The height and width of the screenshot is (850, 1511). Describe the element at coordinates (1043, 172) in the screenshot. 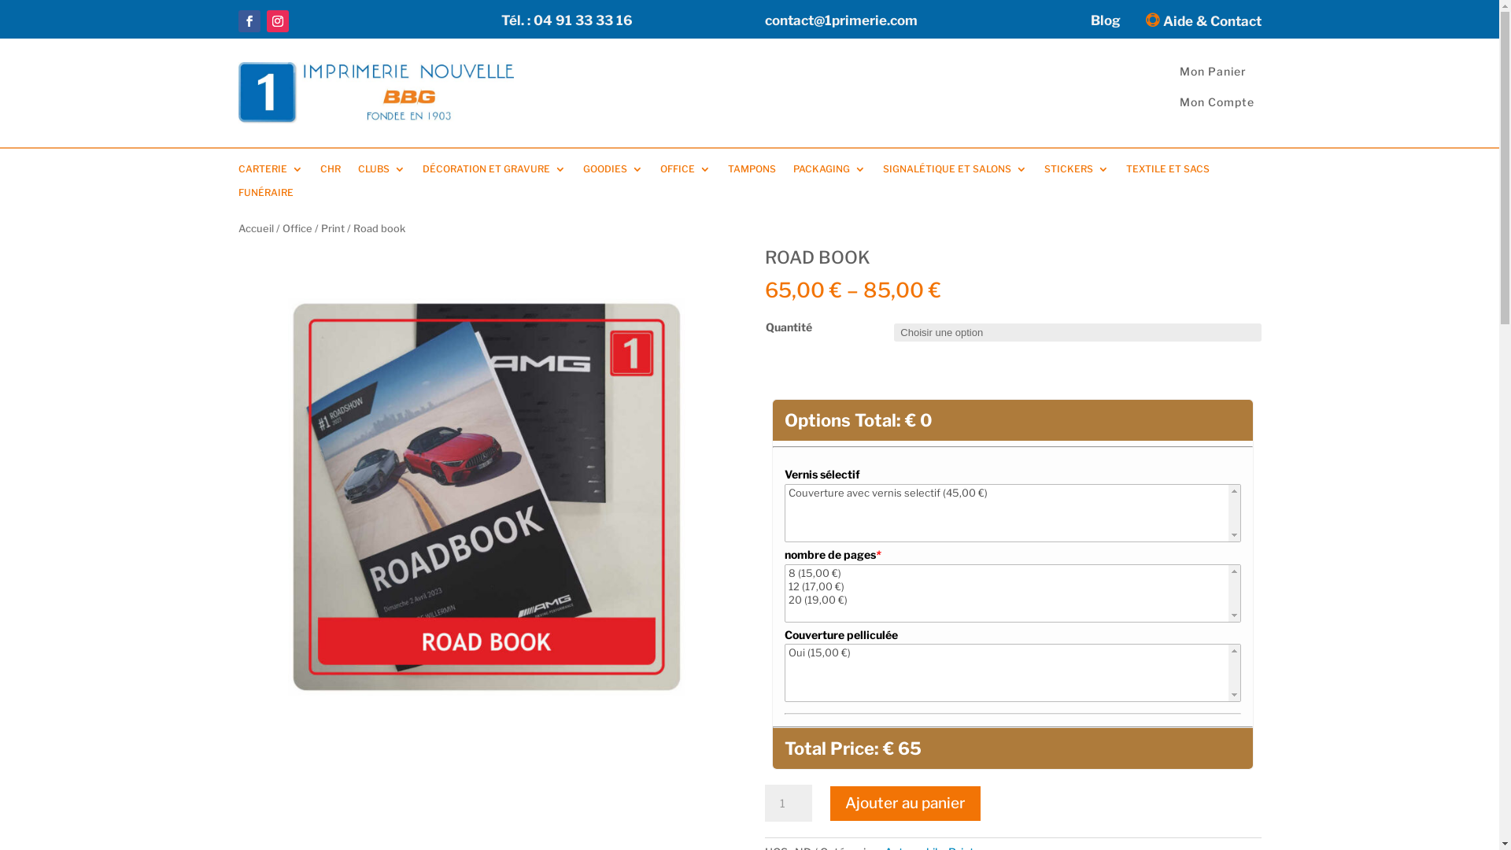

I see `'STICKERS'` at that location.